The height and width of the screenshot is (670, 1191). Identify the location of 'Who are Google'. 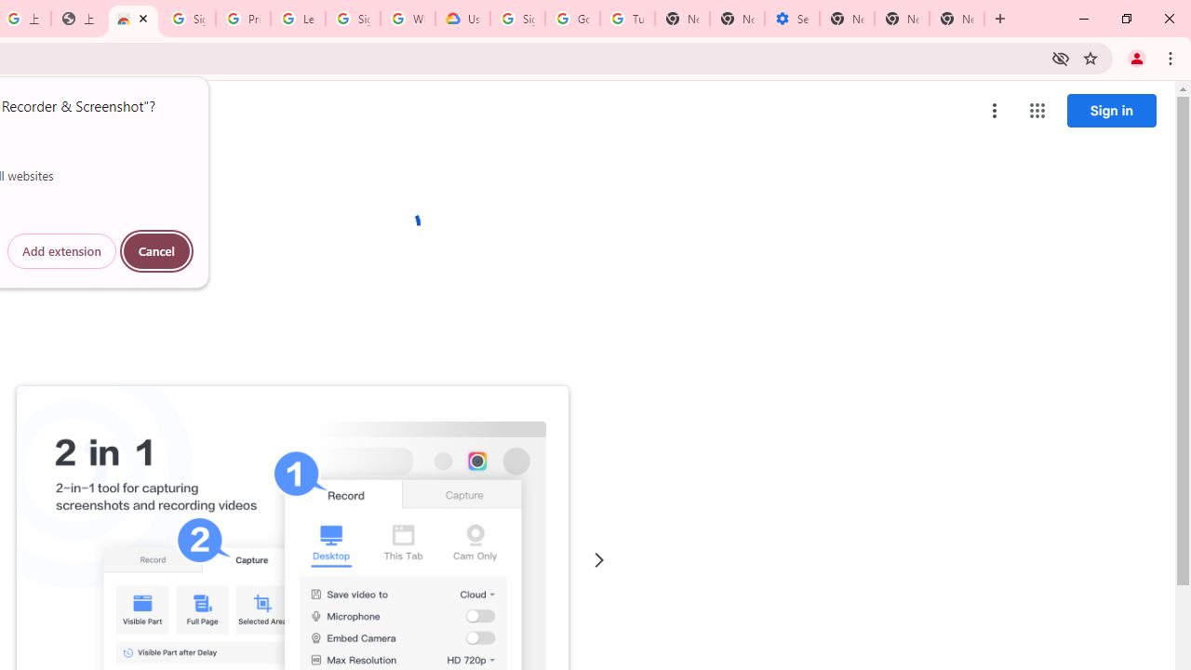
(407, 19).